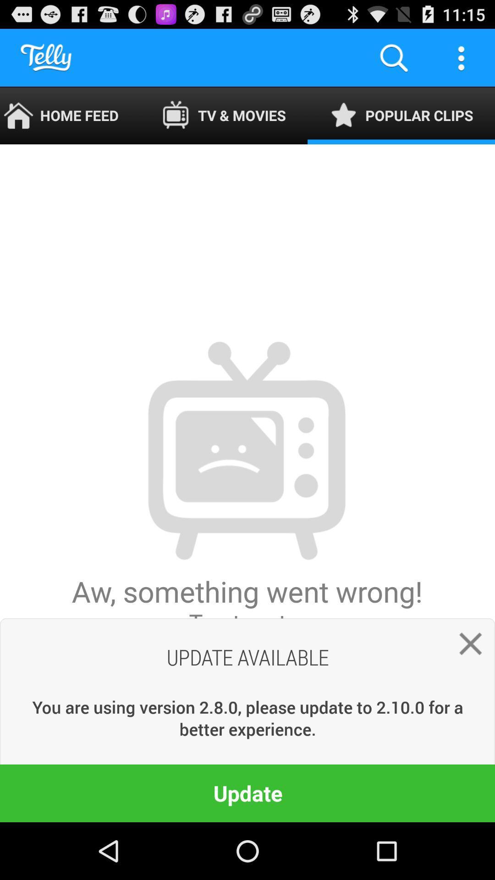  What do you see at coordinates (393, 57) in the screenshot?
I see `icon next to the tv & movies icon` at bounding box center [393, 57].